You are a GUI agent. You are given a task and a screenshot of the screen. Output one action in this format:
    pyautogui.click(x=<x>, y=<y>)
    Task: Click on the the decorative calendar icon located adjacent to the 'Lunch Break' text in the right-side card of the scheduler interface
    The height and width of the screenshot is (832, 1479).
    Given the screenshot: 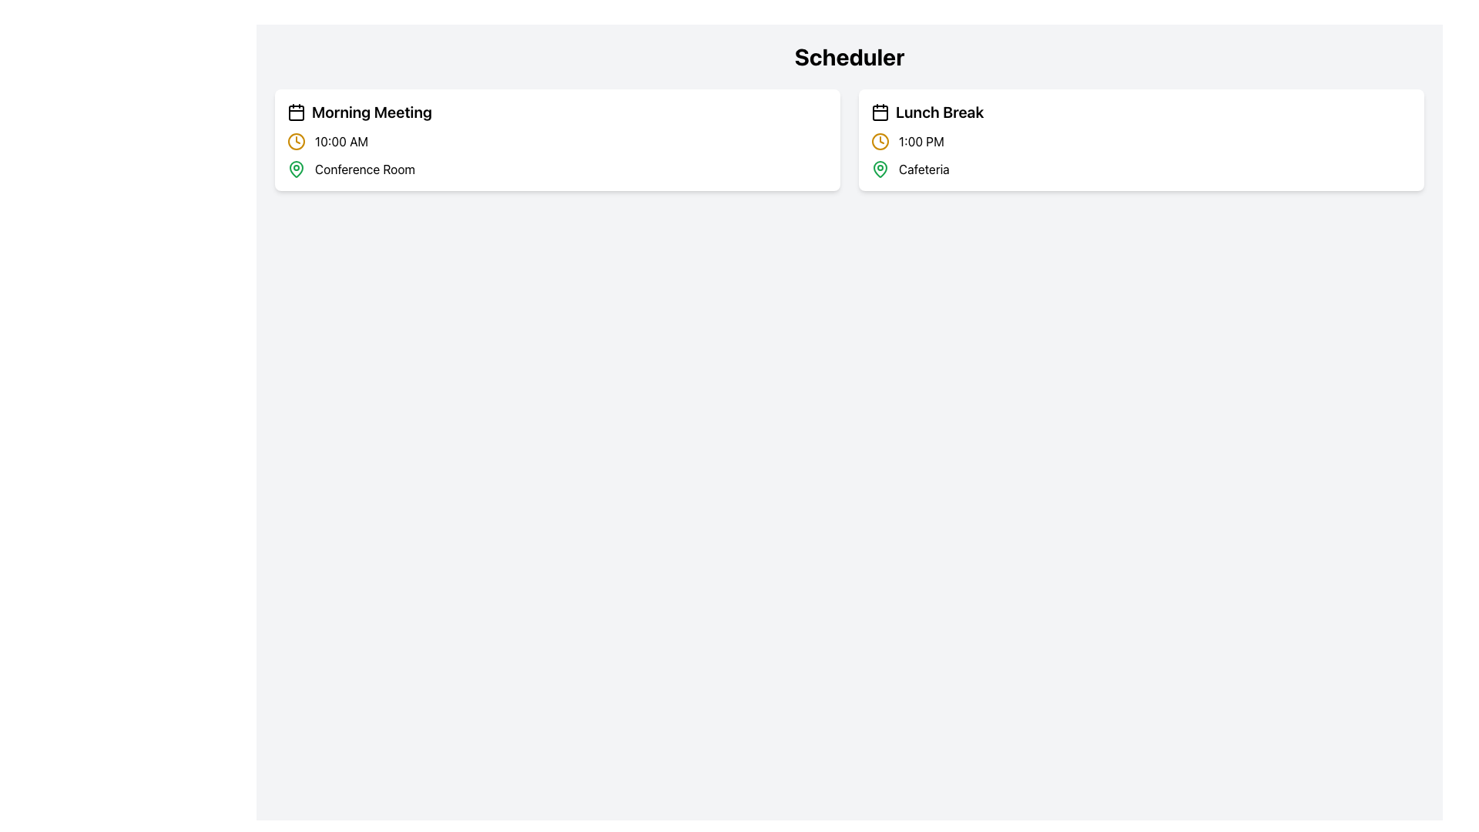 What is the action you would take?
    pyautogui.click(x=880, y=112)
    